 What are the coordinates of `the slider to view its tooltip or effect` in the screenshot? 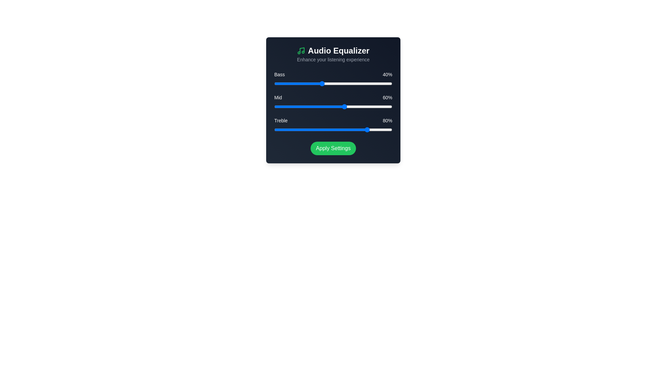 It's located at (333, 83).